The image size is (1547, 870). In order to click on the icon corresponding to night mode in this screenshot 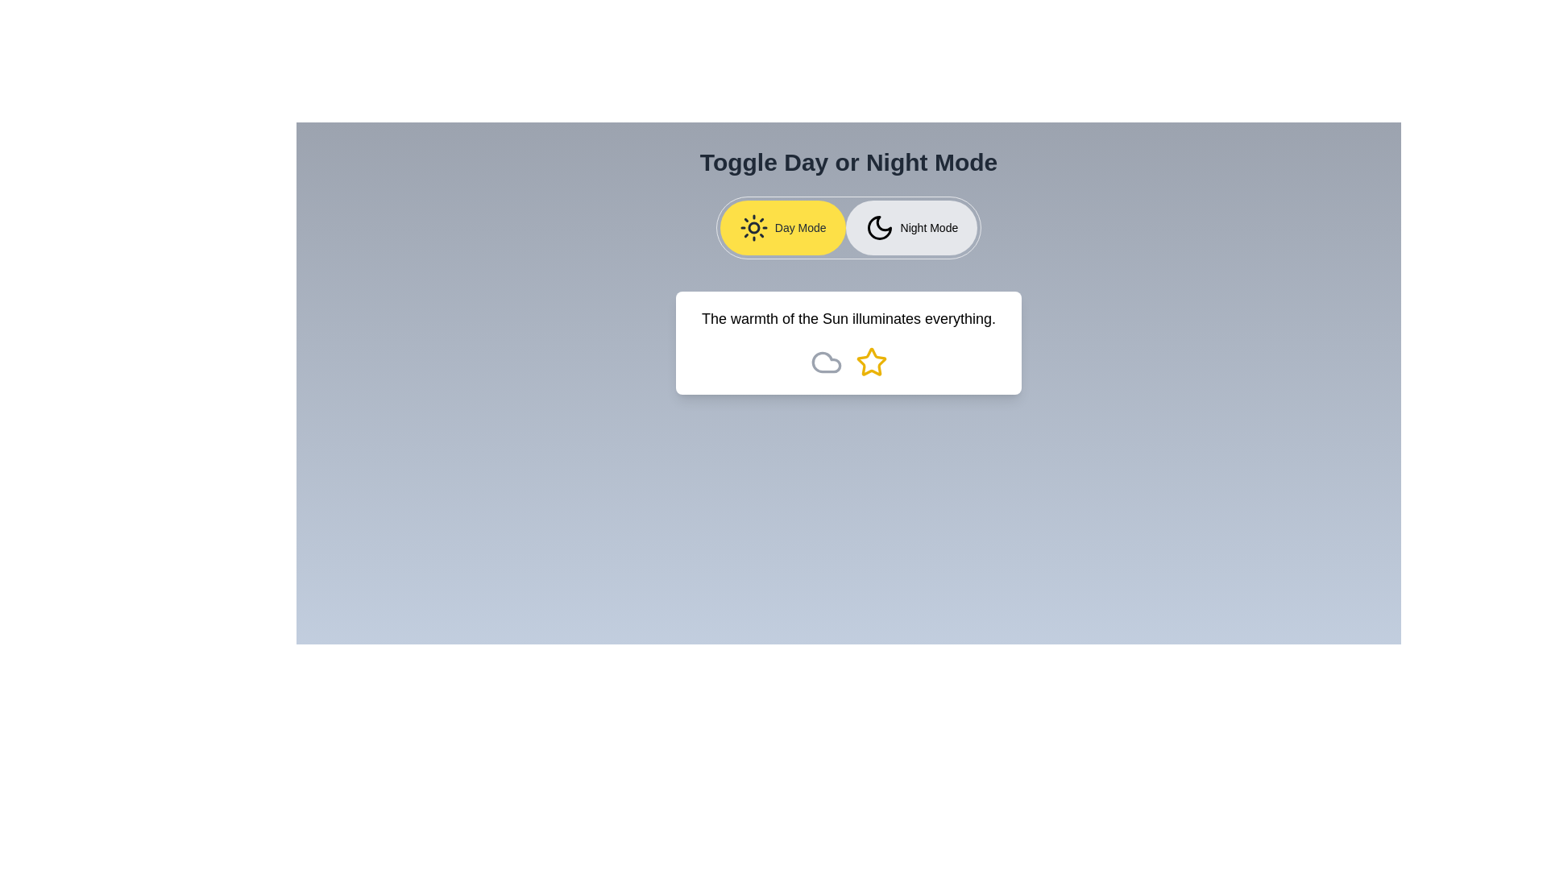, I will do `click(911, 227)`.